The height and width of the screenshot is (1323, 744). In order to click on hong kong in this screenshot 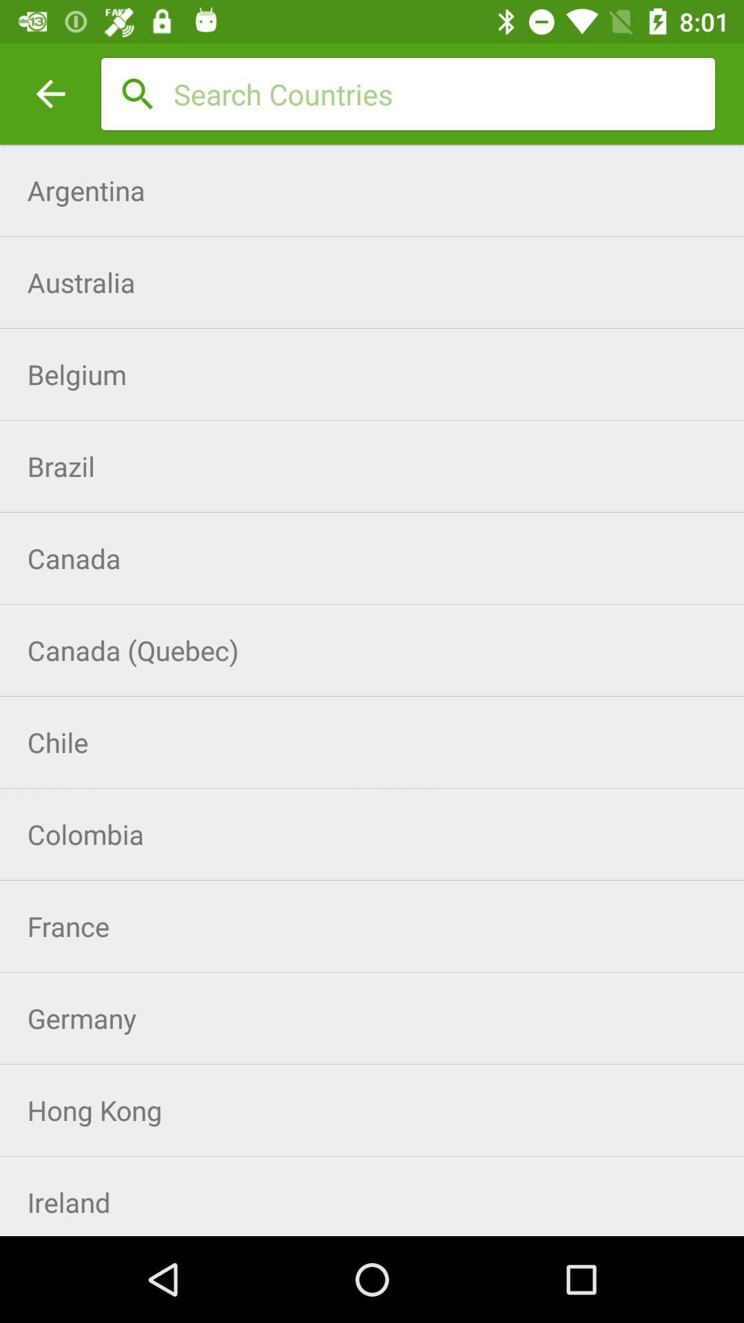, I will do `click(372, 1110)`.